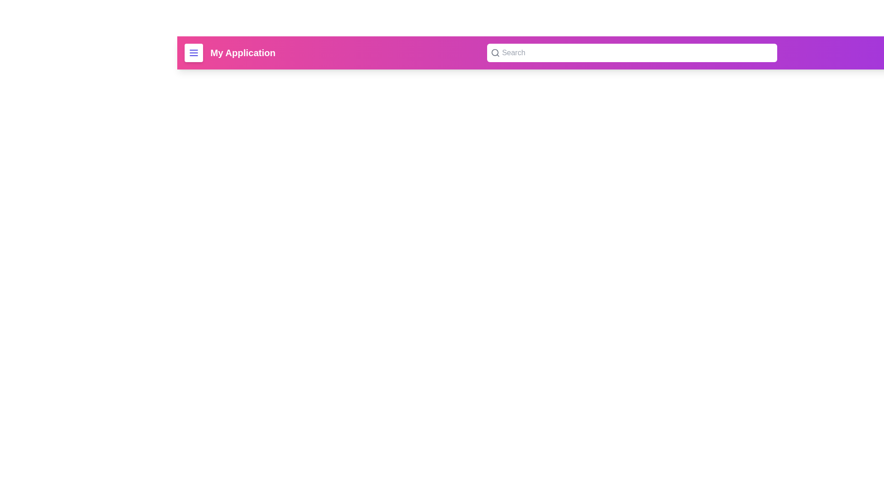 This screenshot has height=497, width=884. I want to click on the search bar to highlight its placeholder text, so click(631, 53).